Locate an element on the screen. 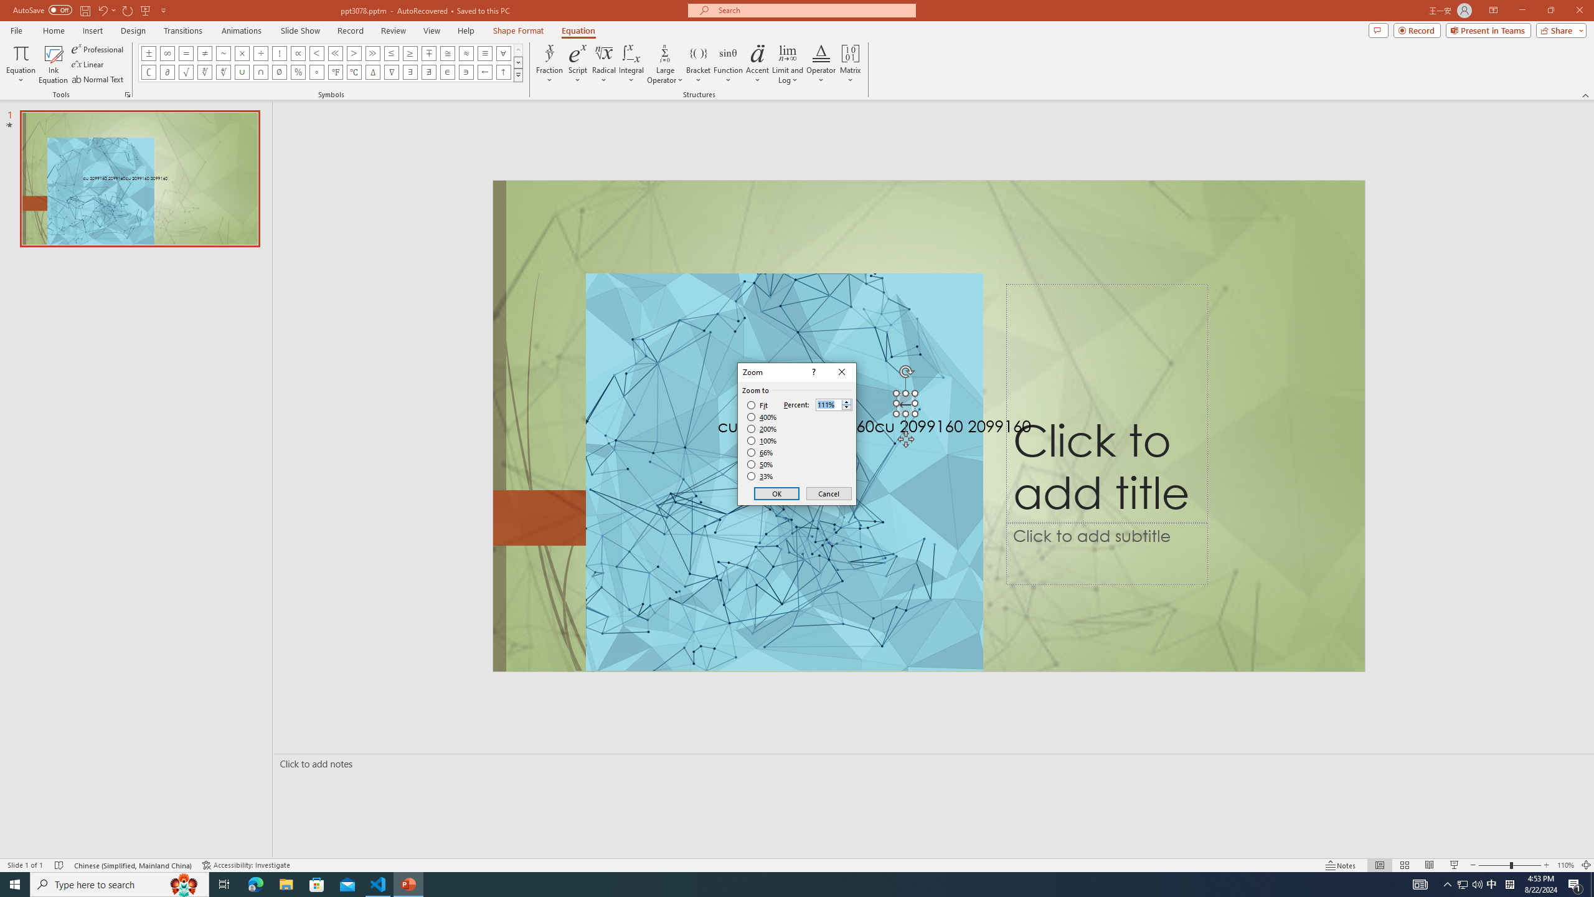 The image size is (1594, 897). 'Operator' is located at coordinates (820, 64).